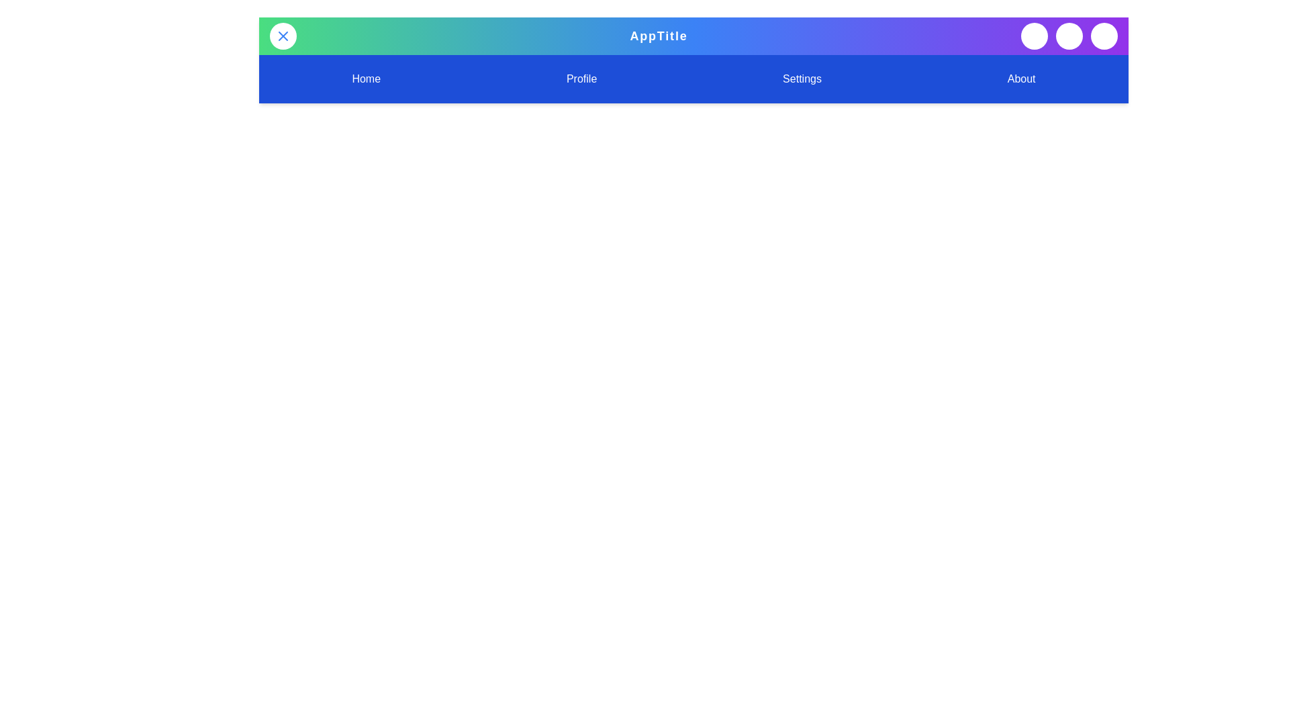 This screenshot has width=1289, height=725. I want to click on the 'Search' button, so click(1033, 36).